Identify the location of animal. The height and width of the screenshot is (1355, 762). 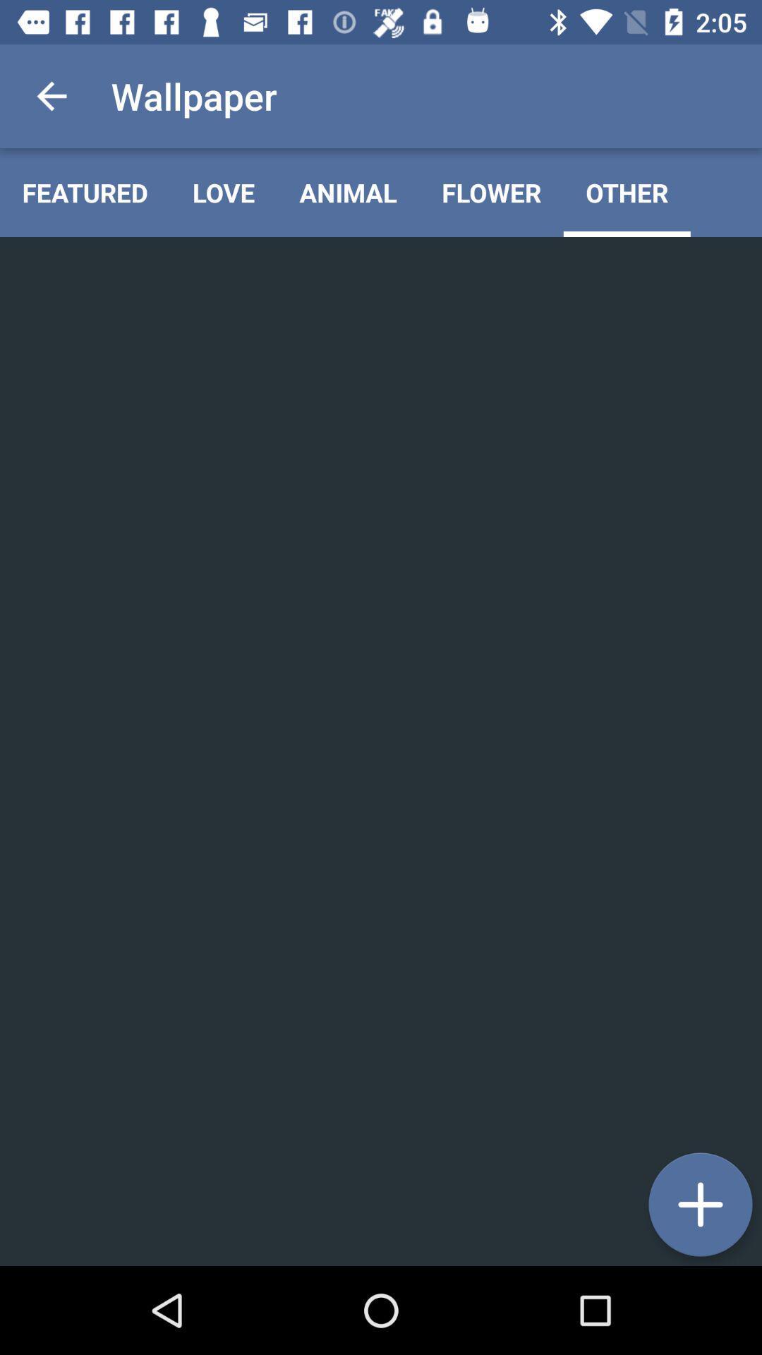
(348, 192).